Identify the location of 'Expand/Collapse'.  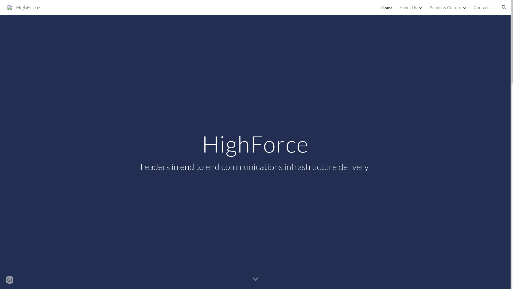
(464, 7).